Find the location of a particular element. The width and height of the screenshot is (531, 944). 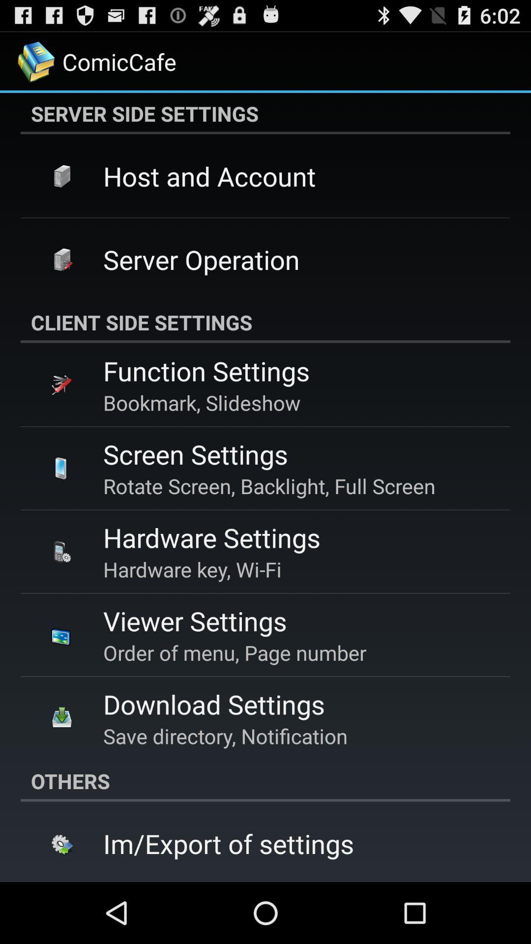

item above the others icon is located at coordinates (225, 736).